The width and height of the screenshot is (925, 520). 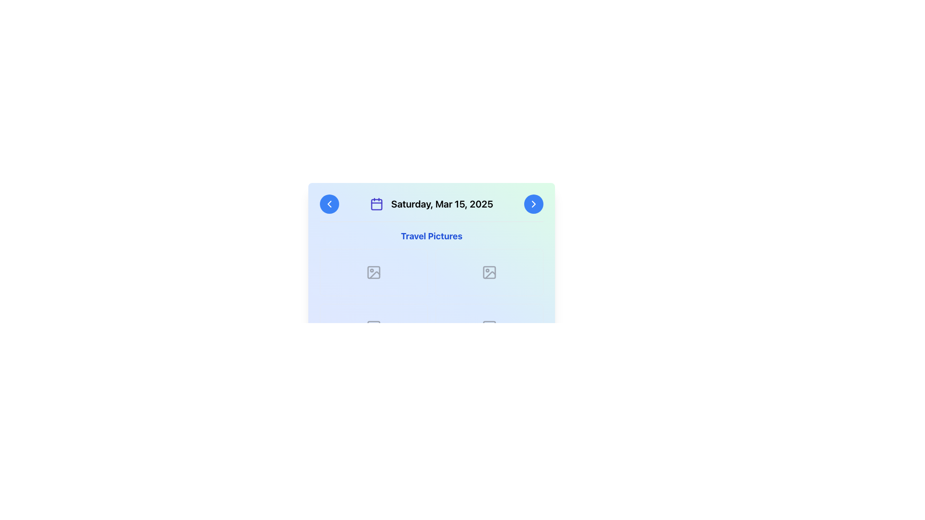 I want to click on the left-pointing chevron icon located in the top-left region of the interface, which is inside a rounded blue button, so click(x=330, y=204).